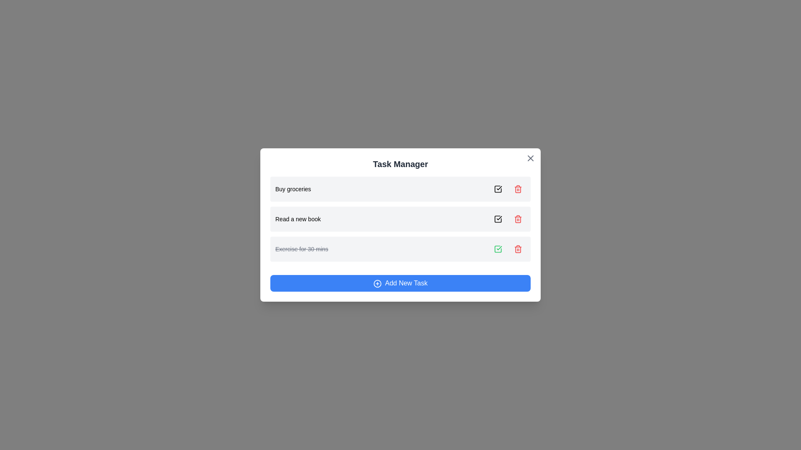 The image size is (801, 450). Describe the element at coordinates (518, 189) in the screenshot. I see `the red trash bin icon located at the far right of the second row in a list of tasks to trigger visual feedback` at that location.